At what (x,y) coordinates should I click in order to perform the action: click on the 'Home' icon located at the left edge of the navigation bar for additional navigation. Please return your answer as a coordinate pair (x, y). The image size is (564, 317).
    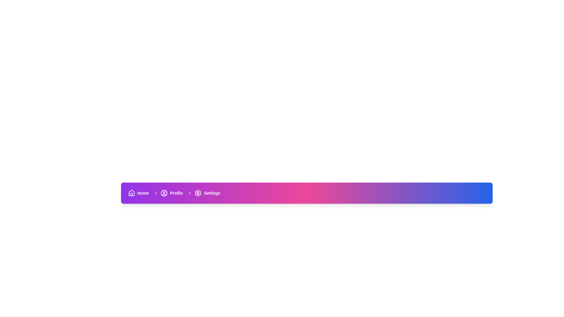
    Looking at the image, I should click on (131, 193).